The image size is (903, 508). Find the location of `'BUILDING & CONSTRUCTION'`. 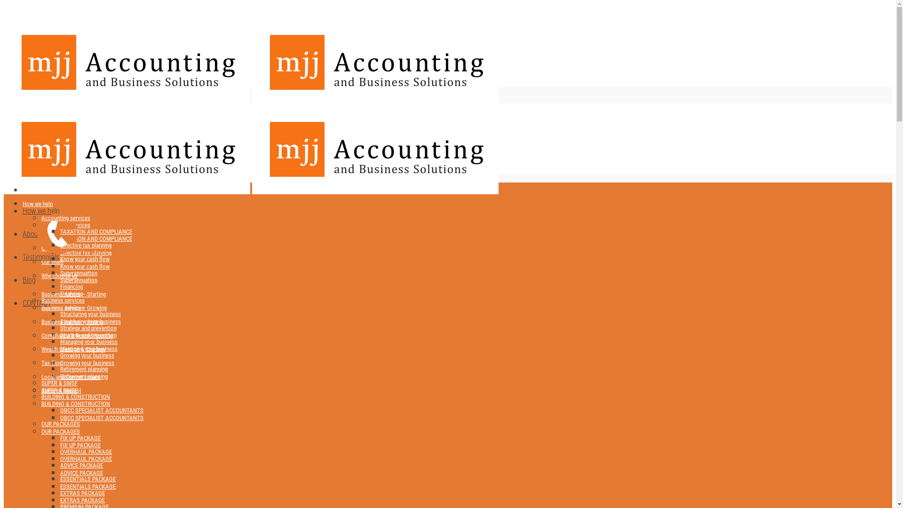

'BUILDING & CONSTRUCTION' is located at coordinates (40, 397).